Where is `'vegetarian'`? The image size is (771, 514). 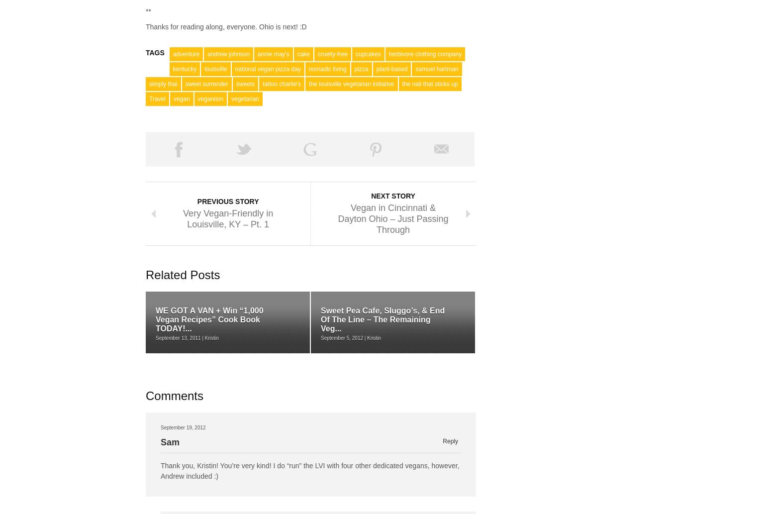 'vegetarian' is located at coordinates (244, 98).